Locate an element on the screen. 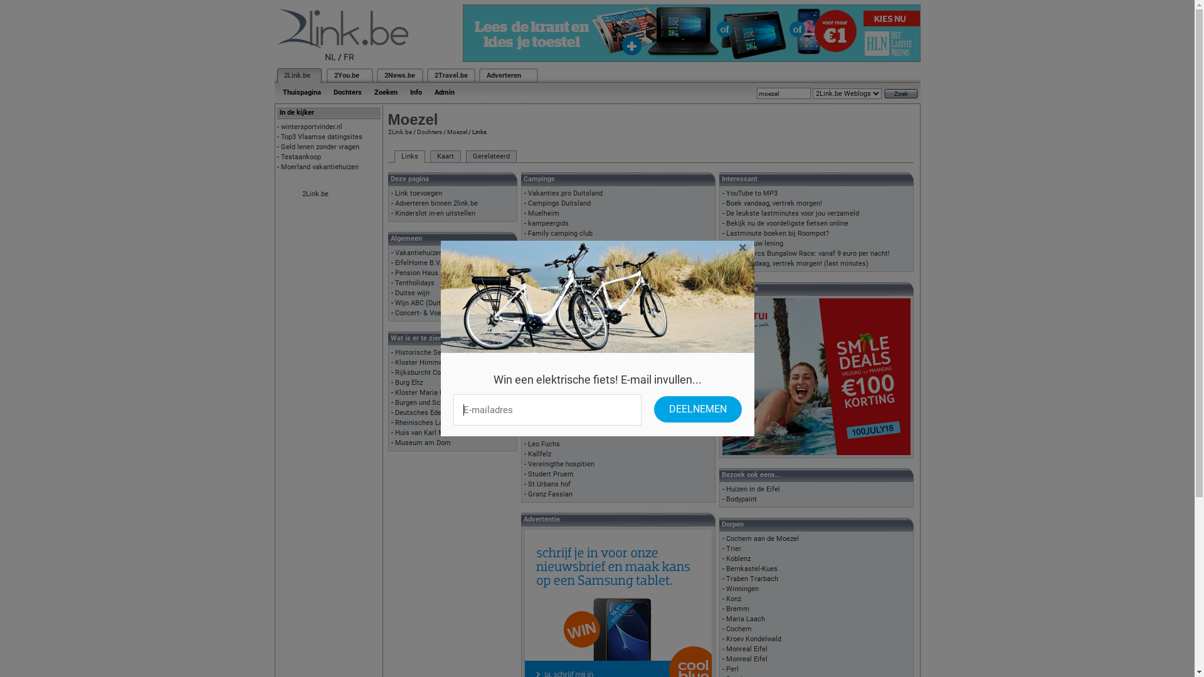 Image resolution: width=1204 pixels, height=677 pixels. 'Kaart' is located at coordinates (445, 156).